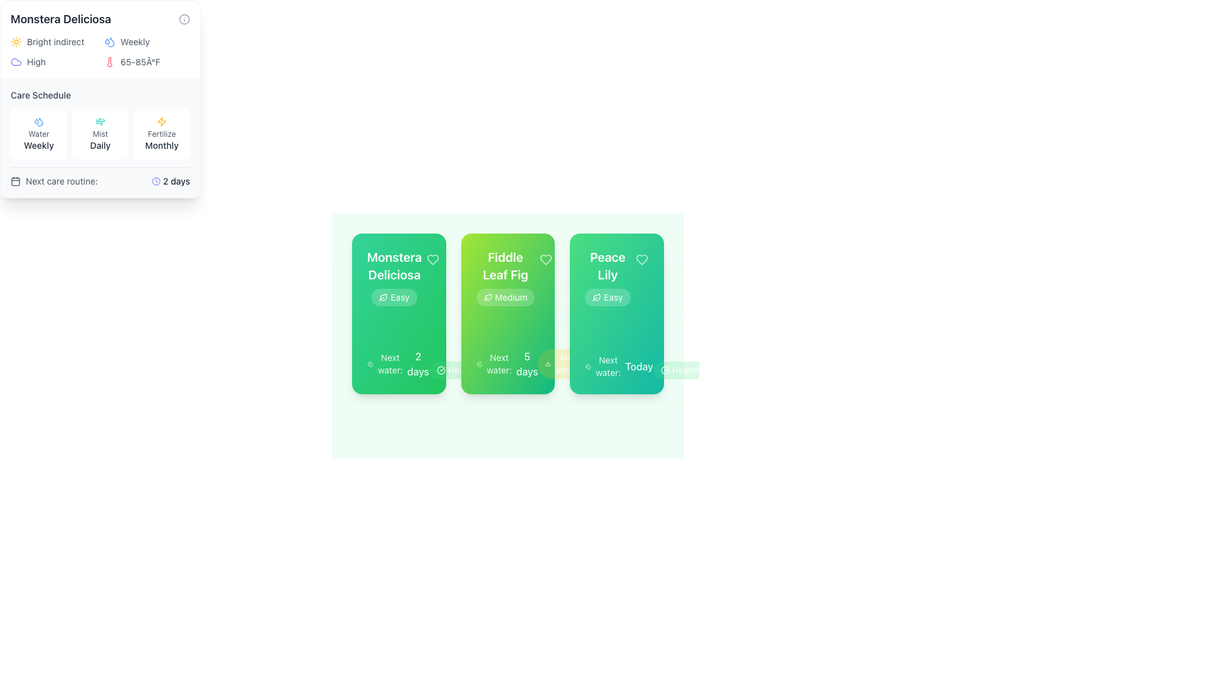 The height and width of the screenshot is (678, 1205). I want to click on the favorite icon located in the upper-right corner of the 'Fiddle Leaf Fig' card to express a like action, so click(546, 259).